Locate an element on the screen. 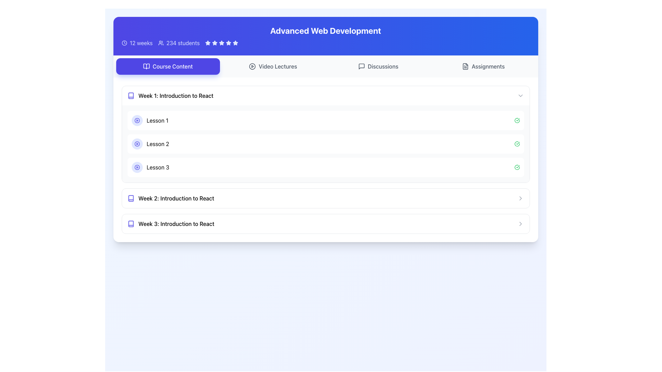 Image resolution: width=662 pixels, height=372 pixels. the 'Course Content' text label within the button, which is styled with white text on a vibrant indigo background and positioned to the left of the 'Video Lectures' and 'Discussions' buttons in the top section of the interface is located at coordinates (172, 66).